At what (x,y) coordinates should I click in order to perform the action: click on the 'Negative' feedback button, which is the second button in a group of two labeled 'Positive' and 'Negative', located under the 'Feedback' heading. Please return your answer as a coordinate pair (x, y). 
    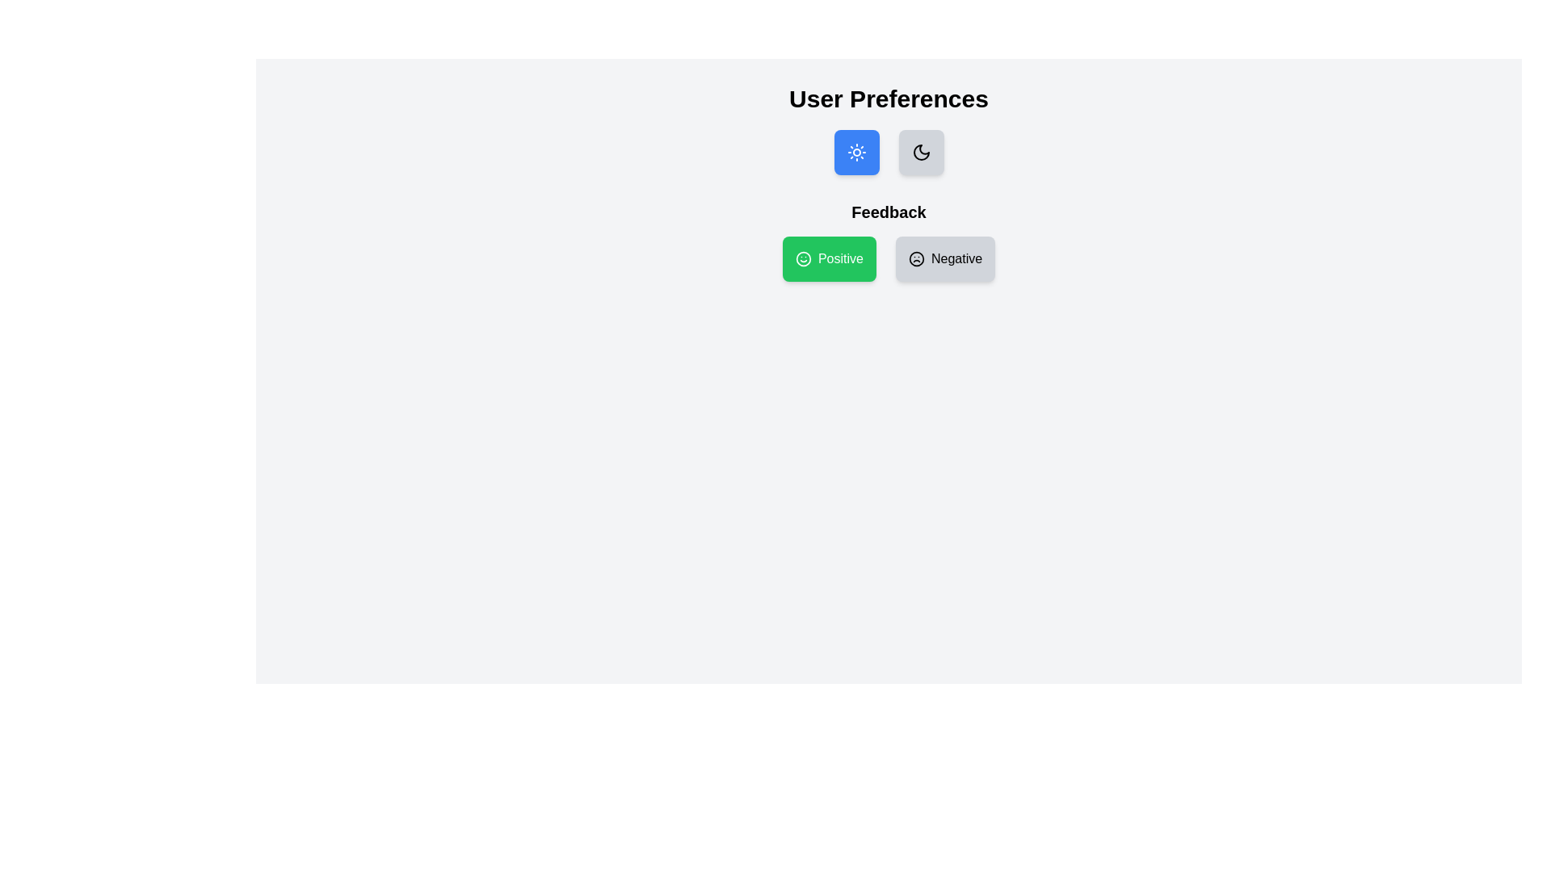
    Looking at the image, I should click on (945, 258).